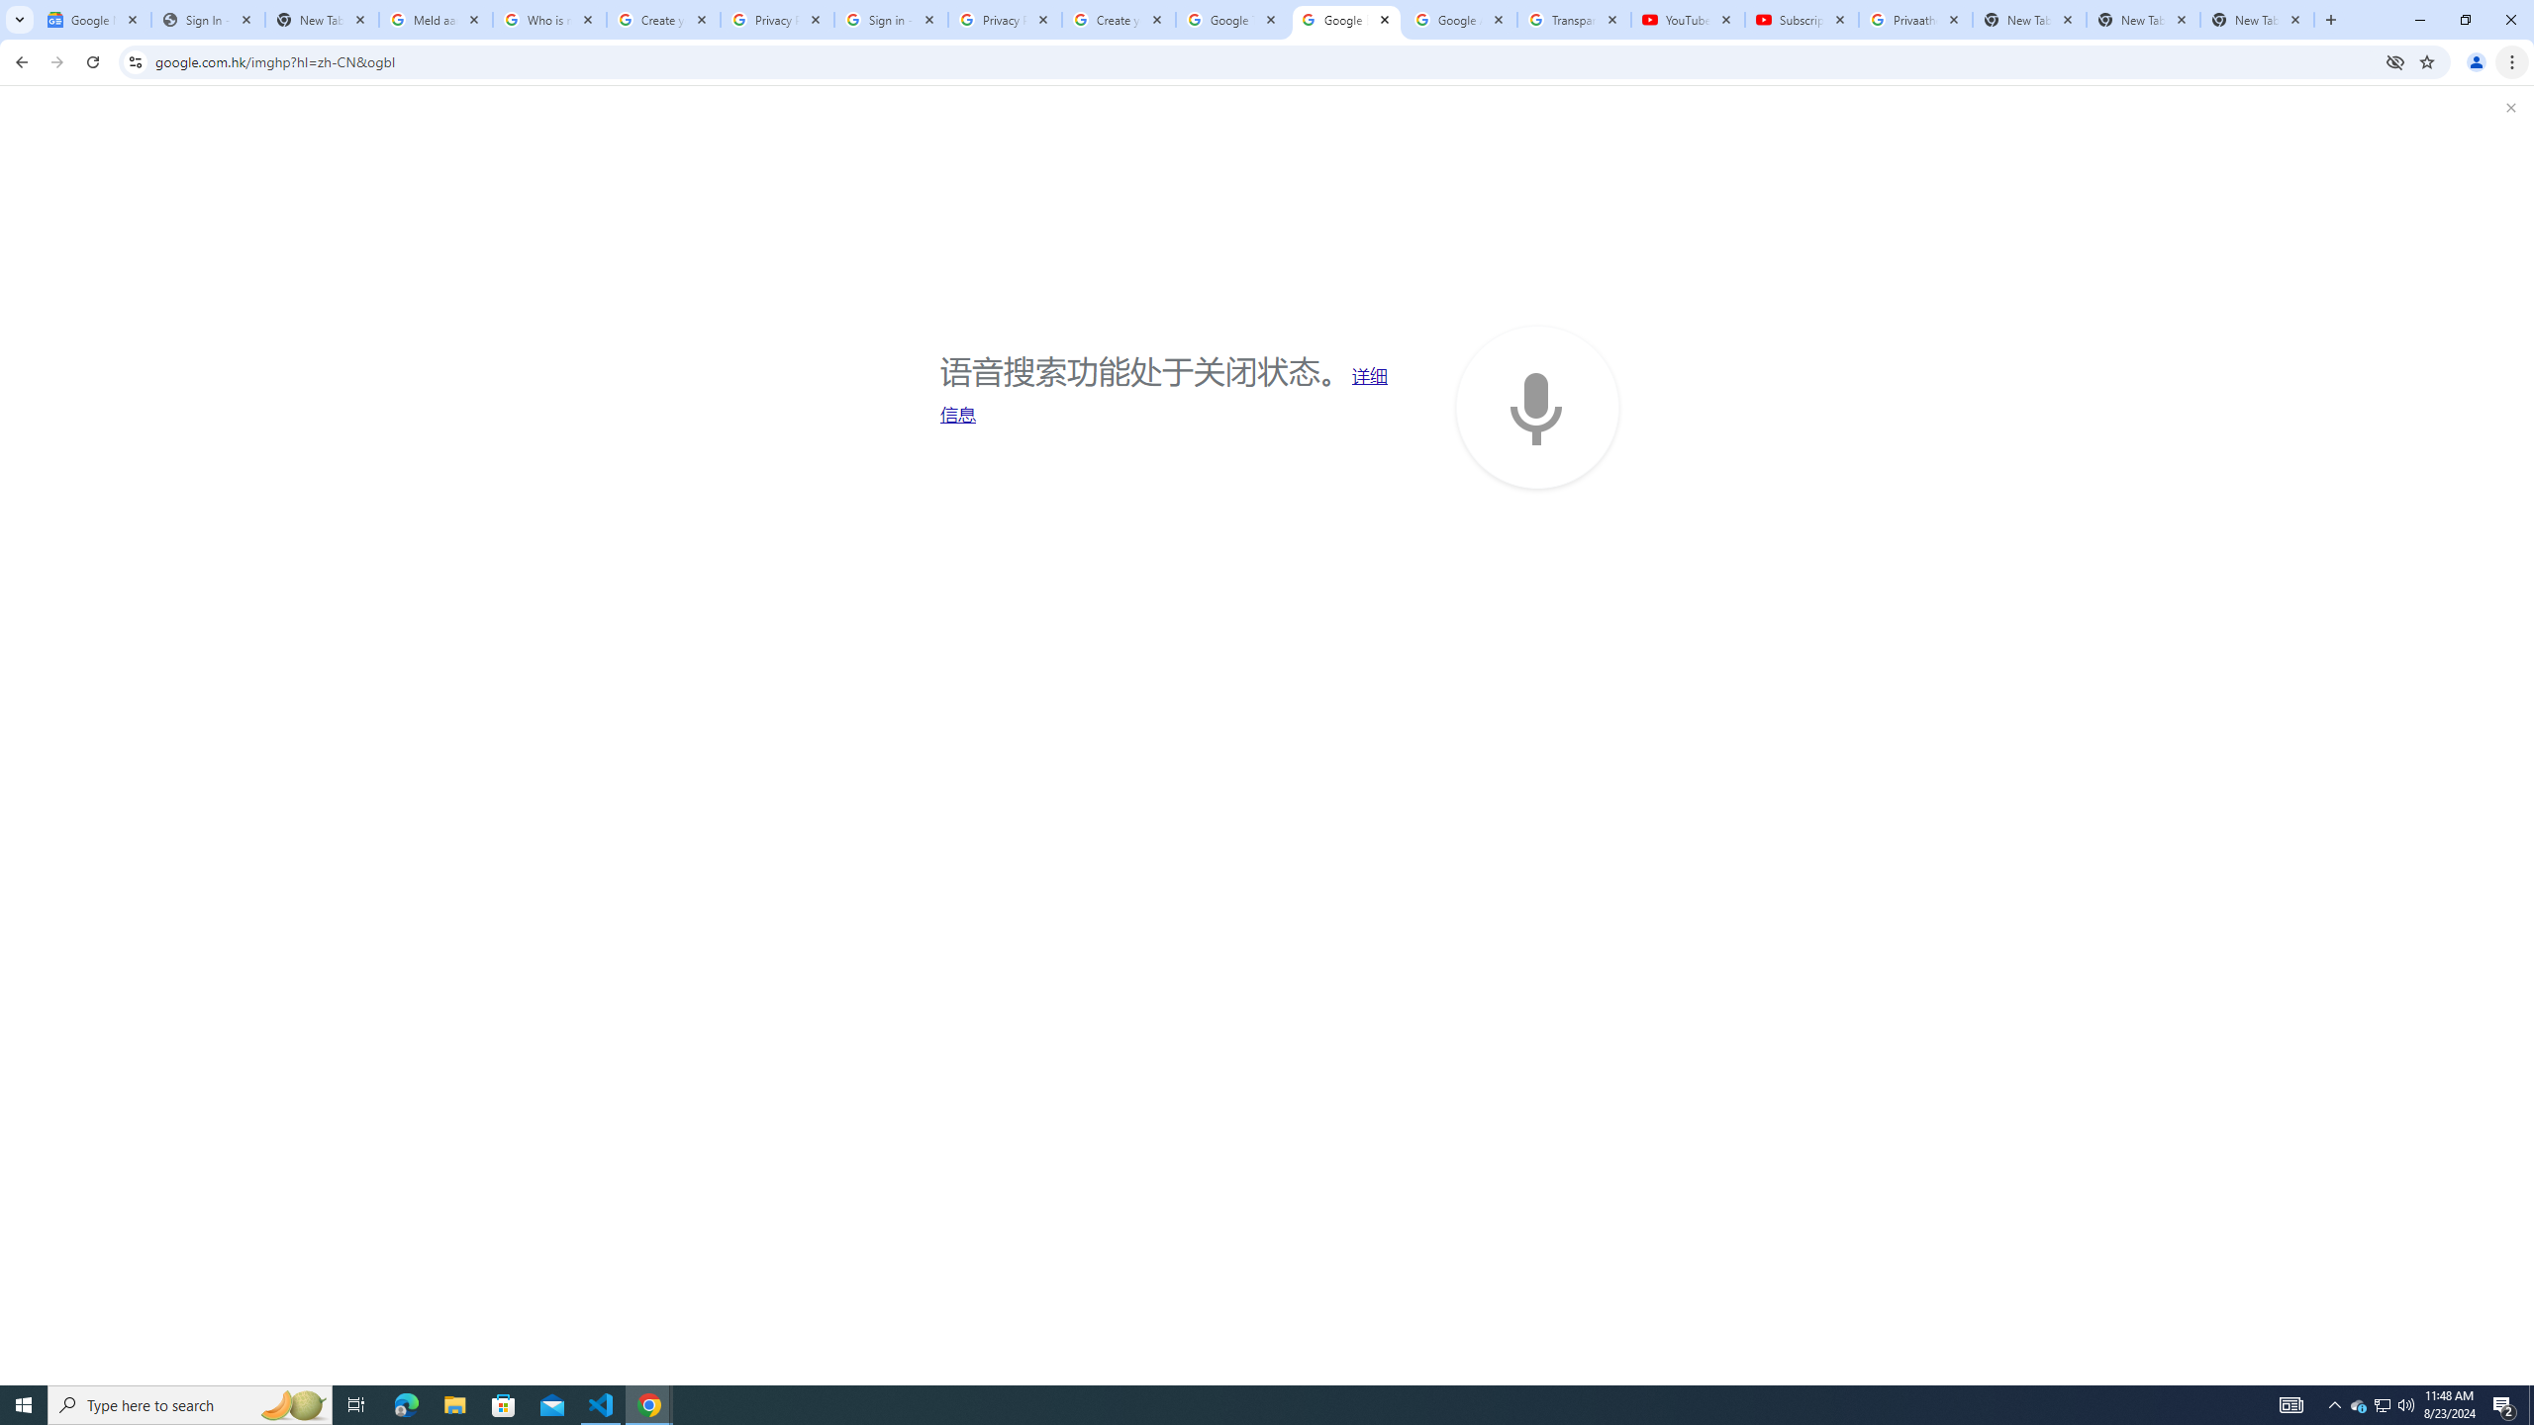 This screenshot has height=1425, width=2534. I want to click on 'Subscriptions - YouTube', so click(1801, 19).